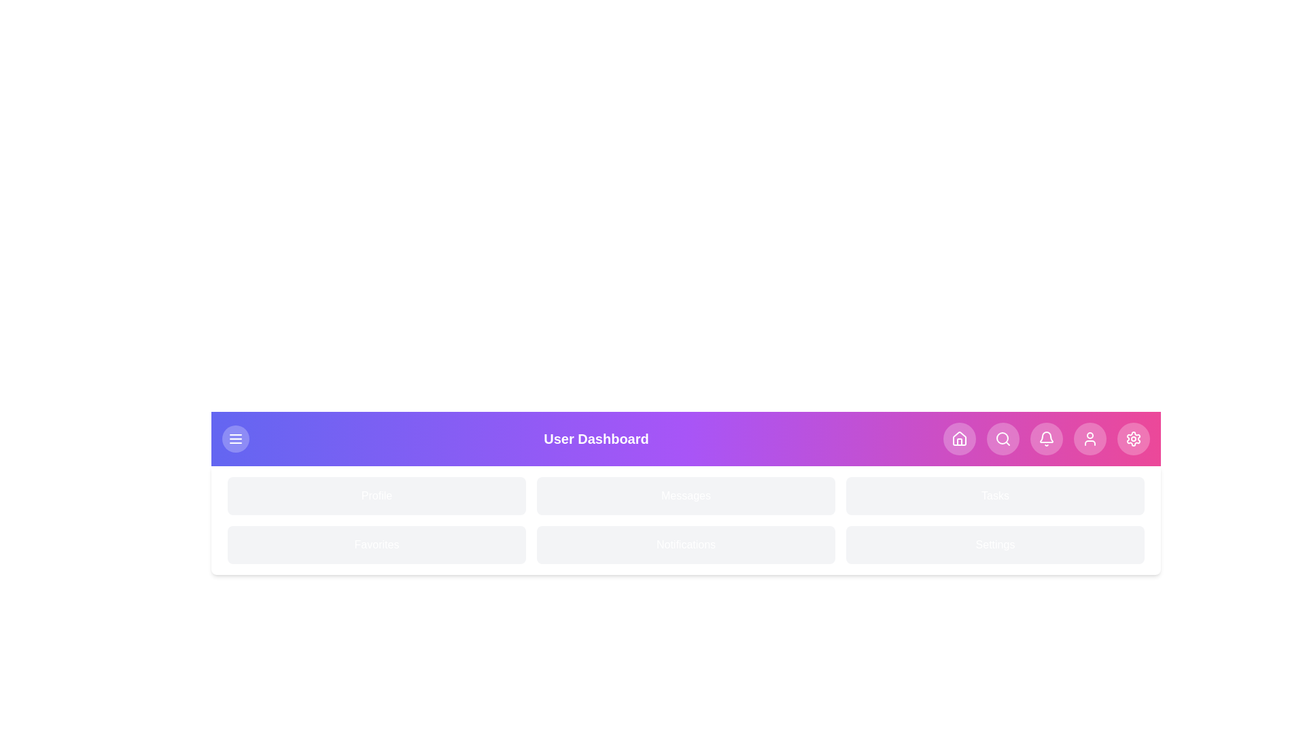 This screenshot has height=734, width=1305. What do you see at coordinates (1090, 438) in the screenshot?
I see `the navigation button corresponding to Profile` at bounding box center [1090, 438].